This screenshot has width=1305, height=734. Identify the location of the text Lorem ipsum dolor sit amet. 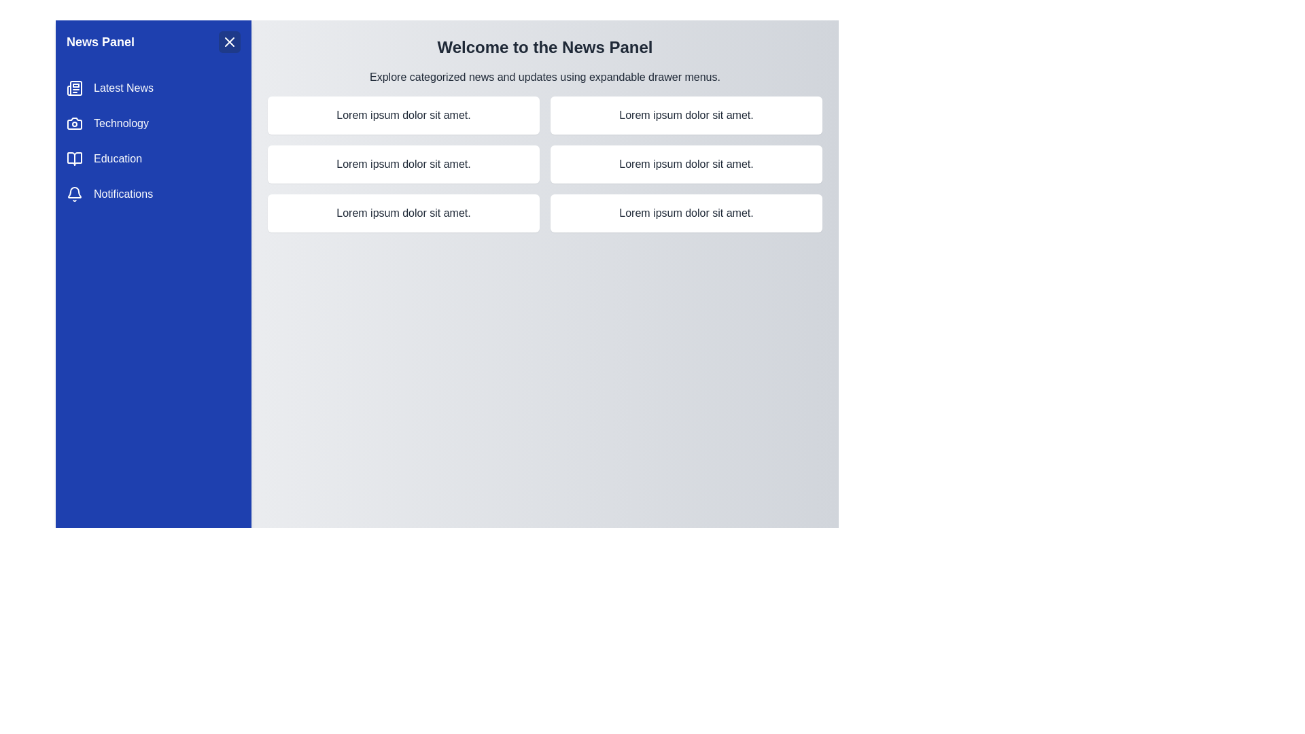
(403, 114).